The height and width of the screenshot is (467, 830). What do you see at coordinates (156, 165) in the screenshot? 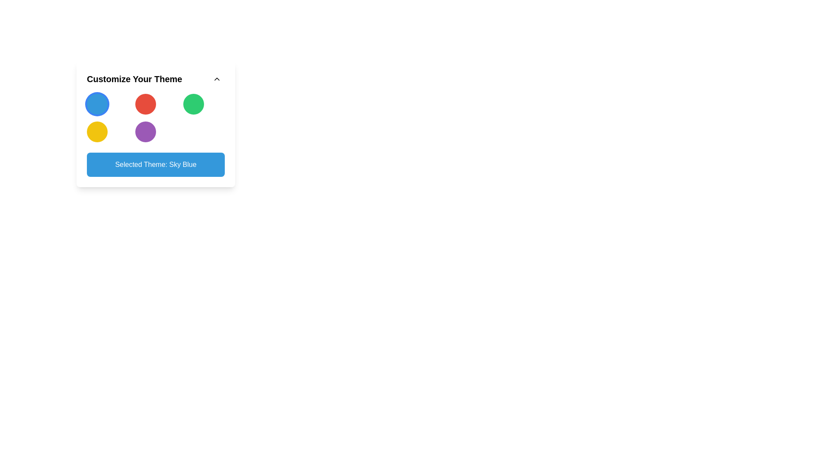
I see `the theme selection label that indicates the currently selected theme, located at the bottom of the thematic selection panel` at bounding box center [156, 165].